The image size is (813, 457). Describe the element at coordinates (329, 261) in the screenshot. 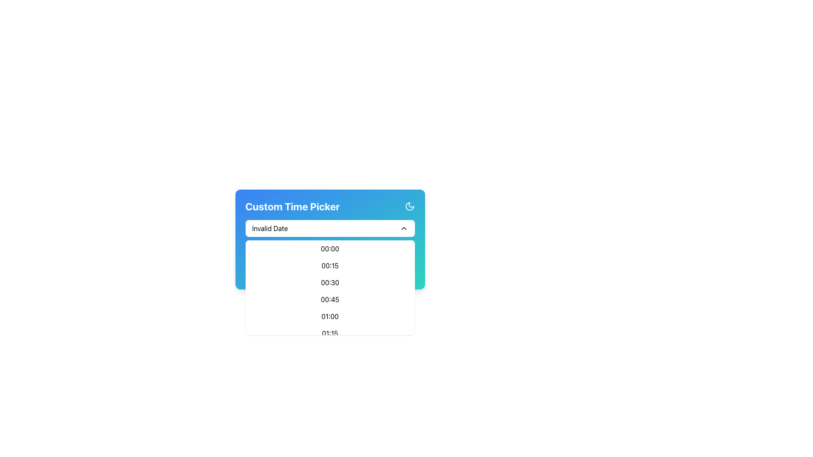

I see `the time '00:15' in the dropdown list of the 'Custom Time Picker'` at that location.